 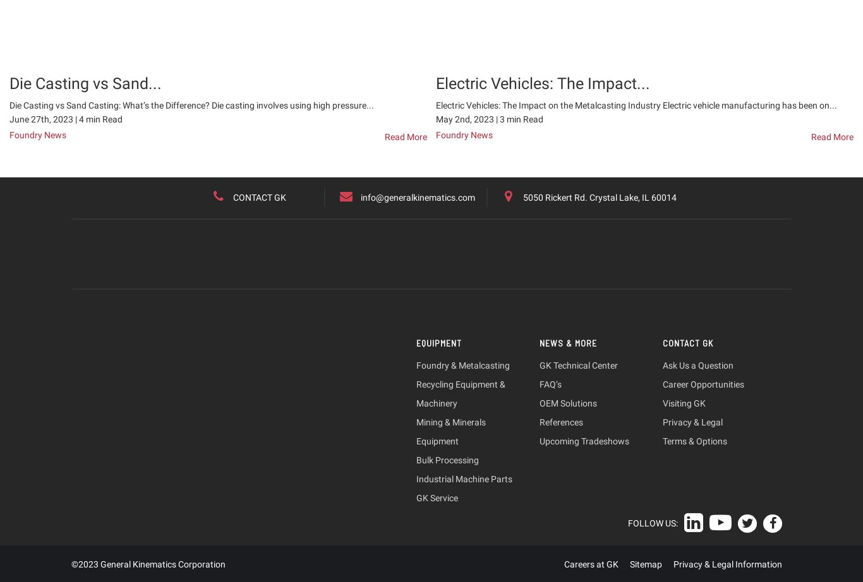 What do you see at coordinates (80, 118) in the screenshot?
I see `'4'` at bounding box center [80, 118].